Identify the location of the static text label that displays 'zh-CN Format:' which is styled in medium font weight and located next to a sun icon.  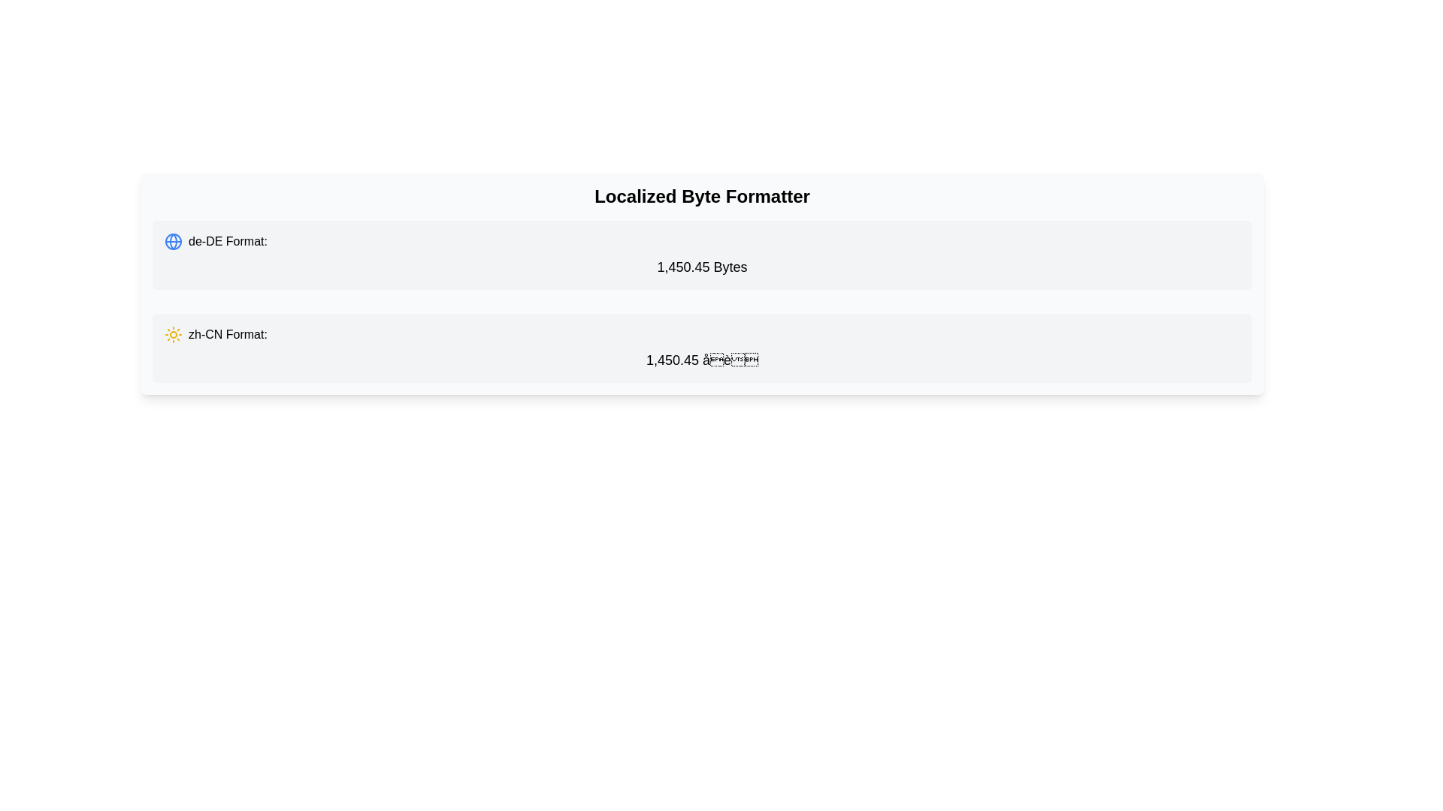
(227, 334).